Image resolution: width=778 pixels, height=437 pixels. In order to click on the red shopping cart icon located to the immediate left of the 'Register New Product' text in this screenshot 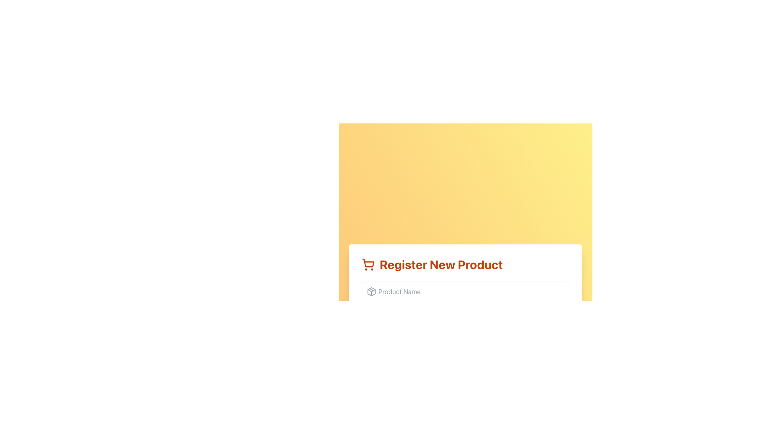, I will do `click(368, 265)`.